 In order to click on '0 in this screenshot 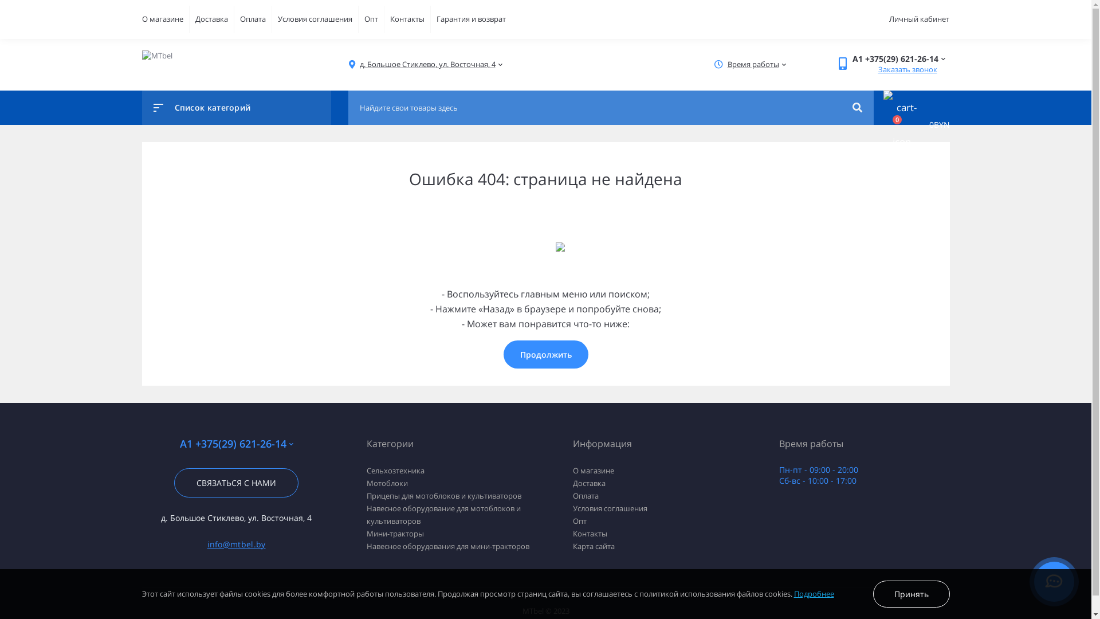, I will do `click(910, 125)`.